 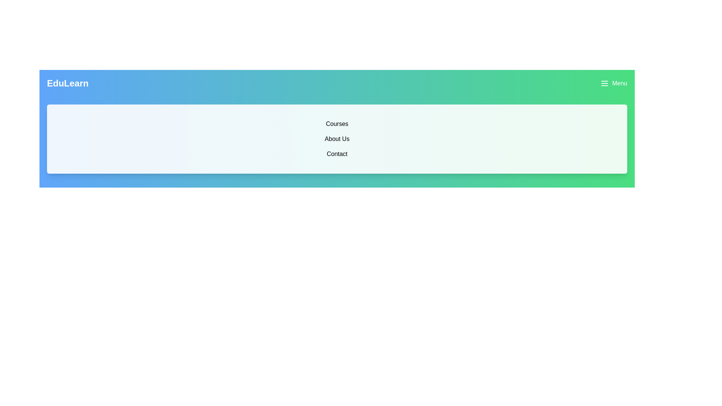 What do you see at coordinates (619, 83) in the screenshot?
I see `the label that serves as an indicator for the adjacent menu toggle icon, located at the top-right corner of the application interface` at bounding box center [619, 83].